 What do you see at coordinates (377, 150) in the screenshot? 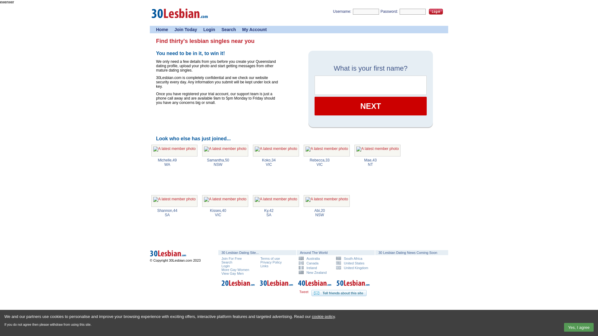
I see `'Mae, 43 from Malak, NT'` at bounding box center [377, 150].